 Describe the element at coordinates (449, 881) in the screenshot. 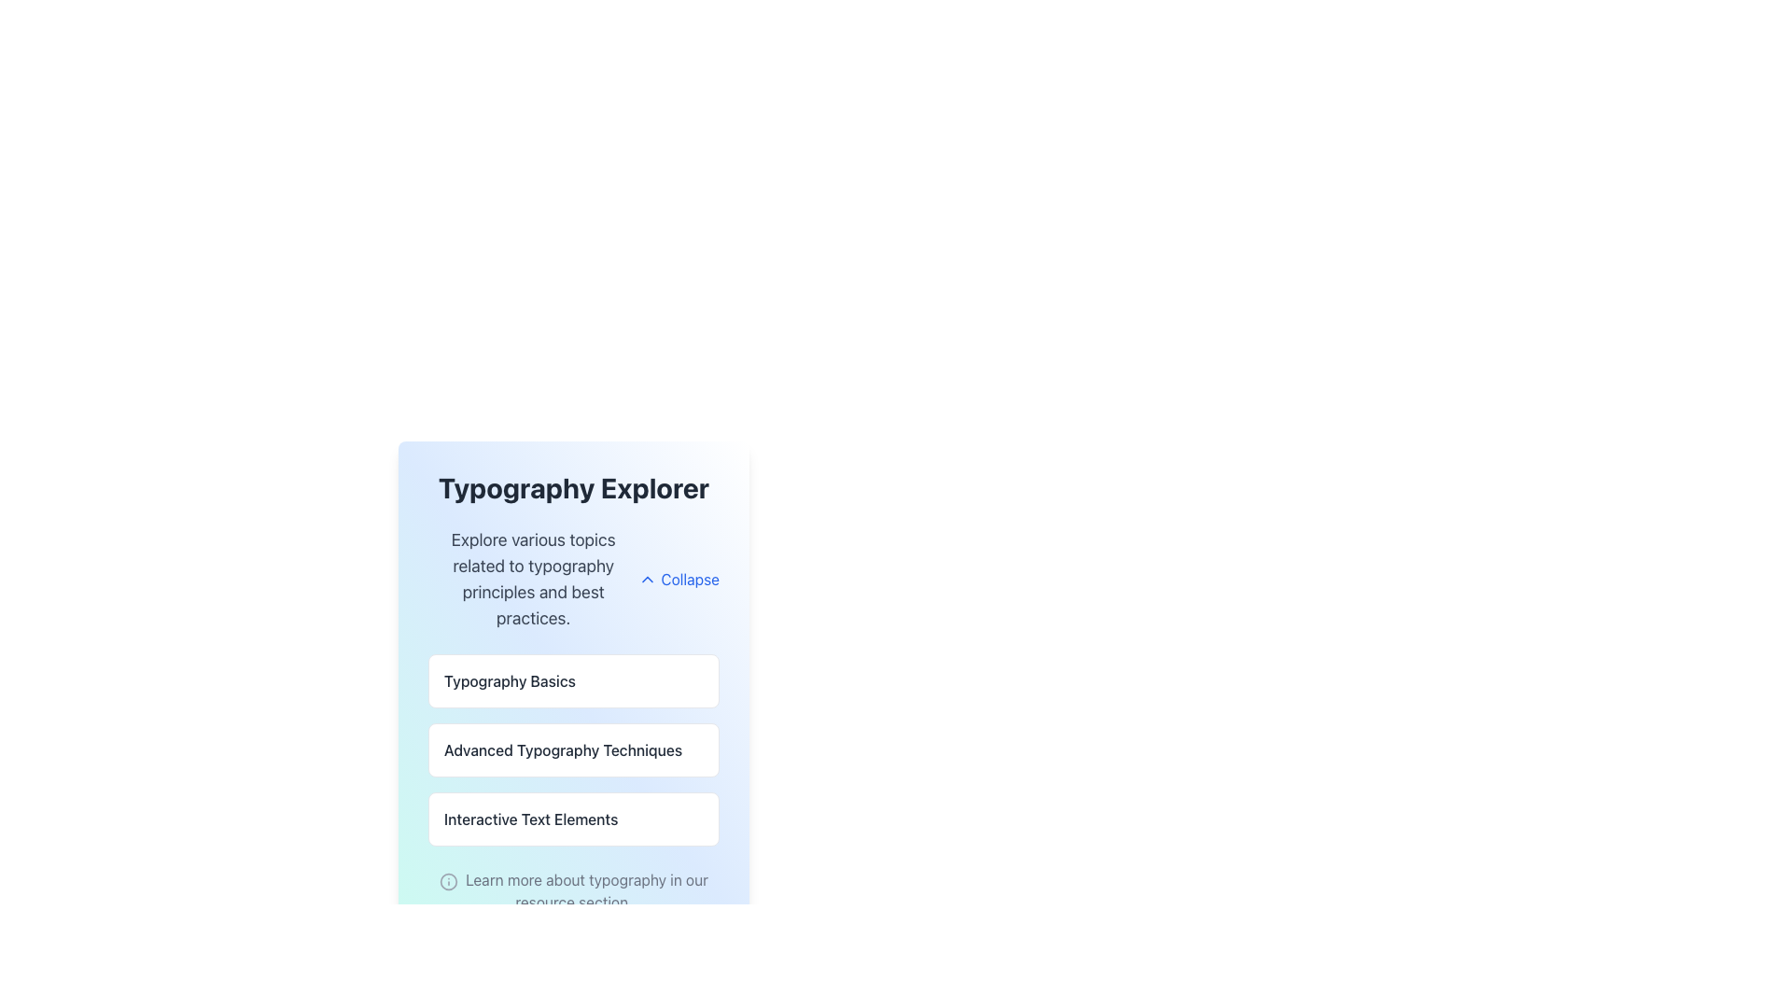

I see `the Circular SVG Icon located at the bottom of the 'Typography Explorer' section` at that location.